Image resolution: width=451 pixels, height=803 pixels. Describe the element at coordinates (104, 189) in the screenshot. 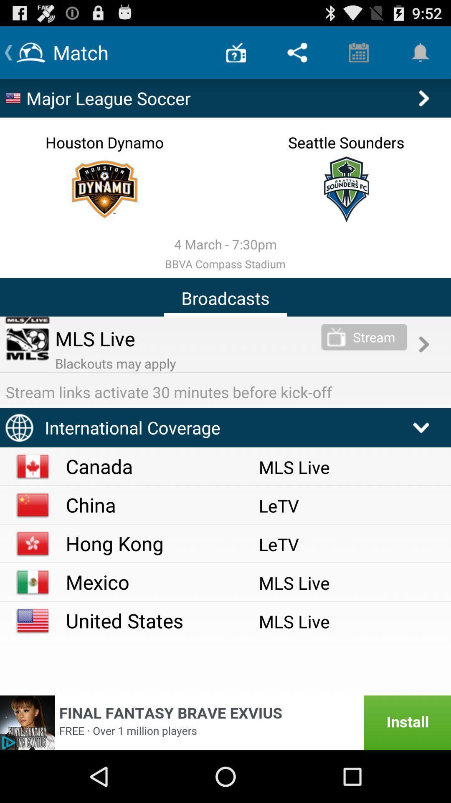

I see `specific team` at that location.